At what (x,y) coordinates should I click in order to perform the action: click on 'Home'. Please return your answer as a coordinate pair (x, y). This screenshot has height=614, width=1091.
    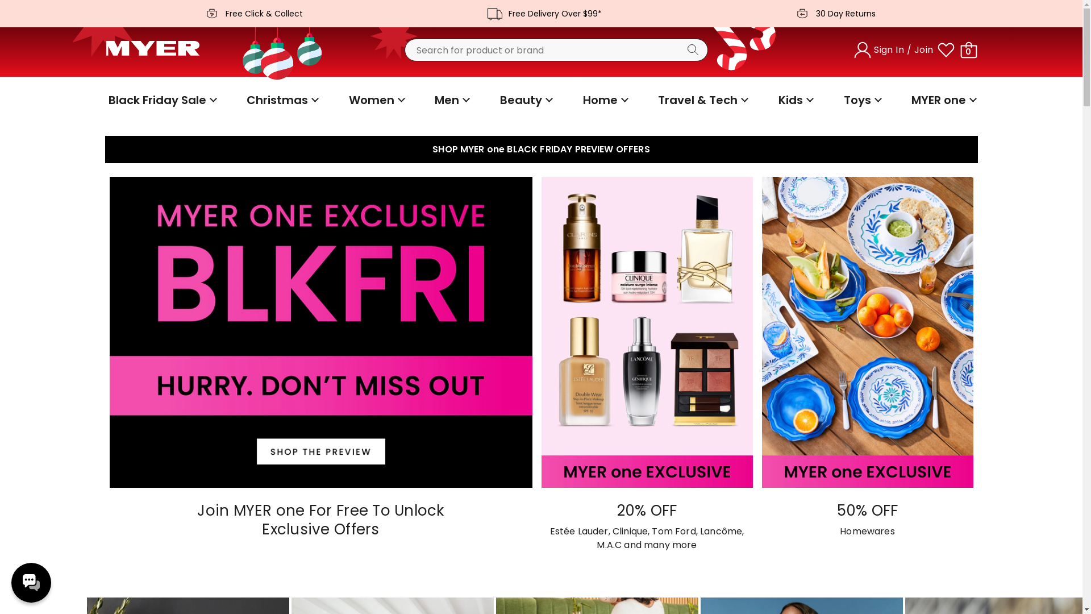
    Looking at the image, I should click on (579, 99).